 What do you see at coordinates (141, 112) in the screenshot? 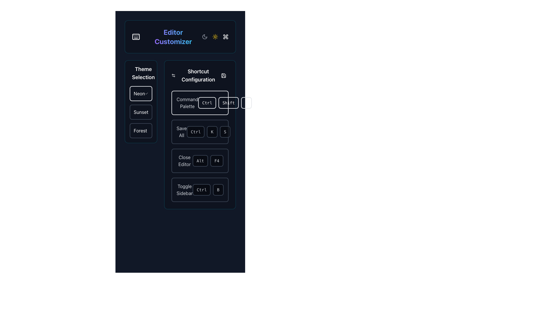
I see `the 'Sunset' button, which is a rectangular button with a dark background and a contrasting border that lightens on hover, located in the 'Theme Selection' section between the 'Neon' and 'Forest' buttons` at bounding box center [141, 112].